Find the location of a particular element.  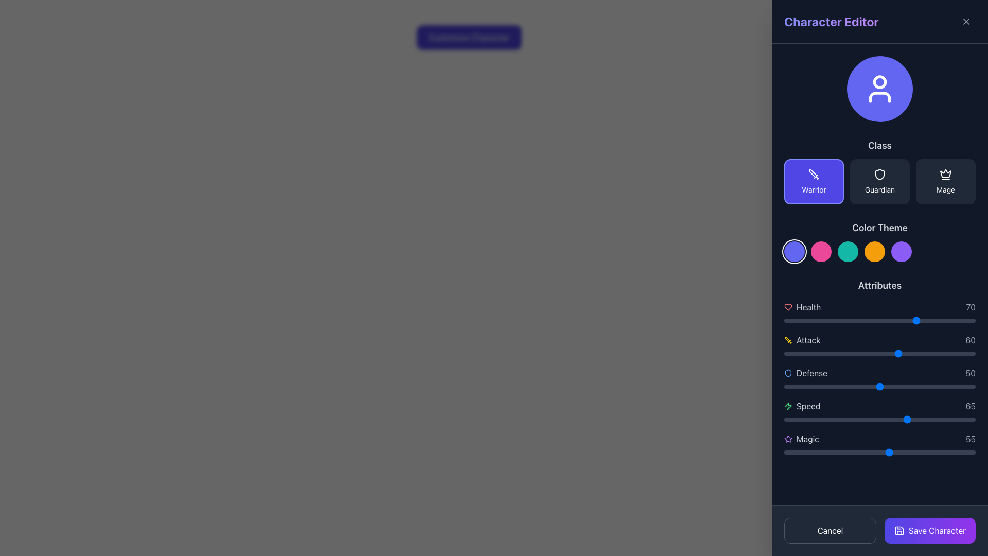

the defense attribute is located at coordinates (789, 387).